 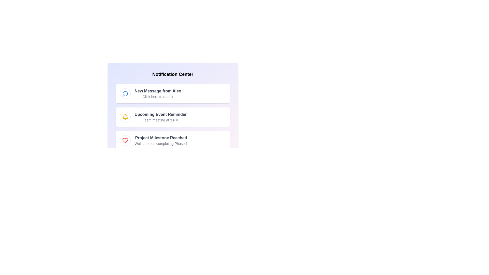 What do you see at coordinates (125, 117) in the screenshot?
I see `the notification icon for Alert` at bounding box center [125, 117].